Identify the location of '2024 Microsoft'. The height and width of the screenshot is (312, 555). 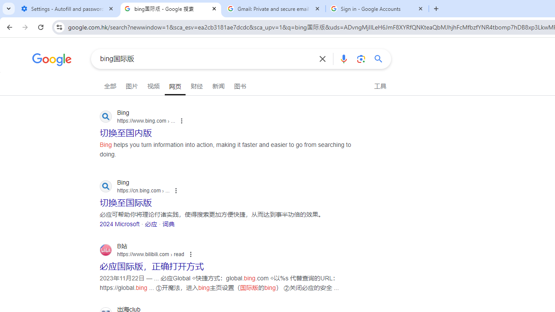
(119, 223).